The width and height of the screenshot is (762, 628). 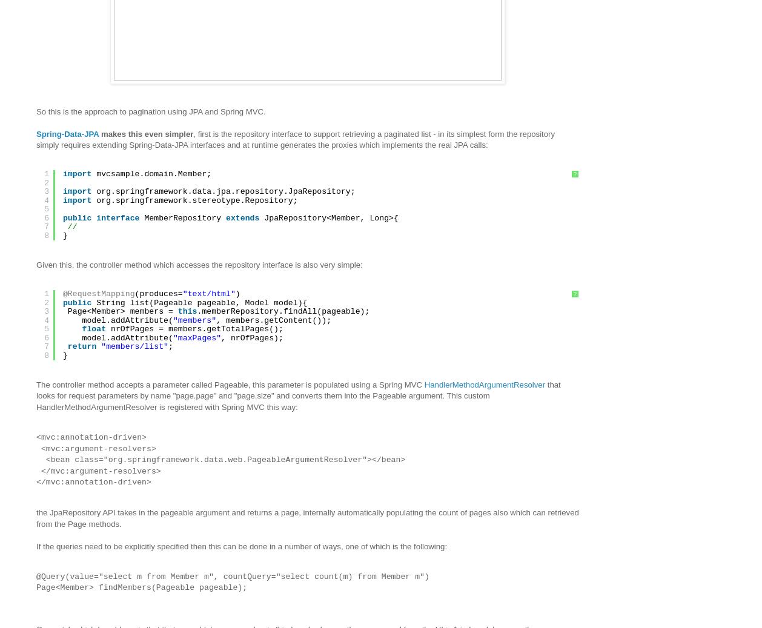 What do you see at coordinates (196, 199) in the screenshot?
I see `'org.springframework.stereotype.Repository;'` at bounding box center [196, 199].